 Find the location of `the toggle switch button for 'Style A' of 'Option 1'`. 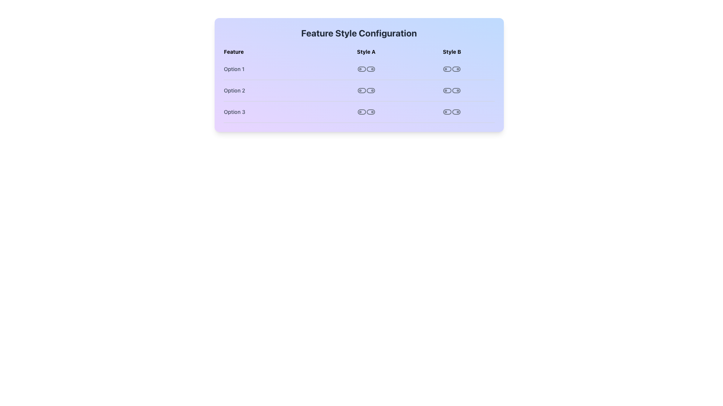

the toggle switch button for 'Style A' of 'Option 1' is located at coordinates (361, 69).